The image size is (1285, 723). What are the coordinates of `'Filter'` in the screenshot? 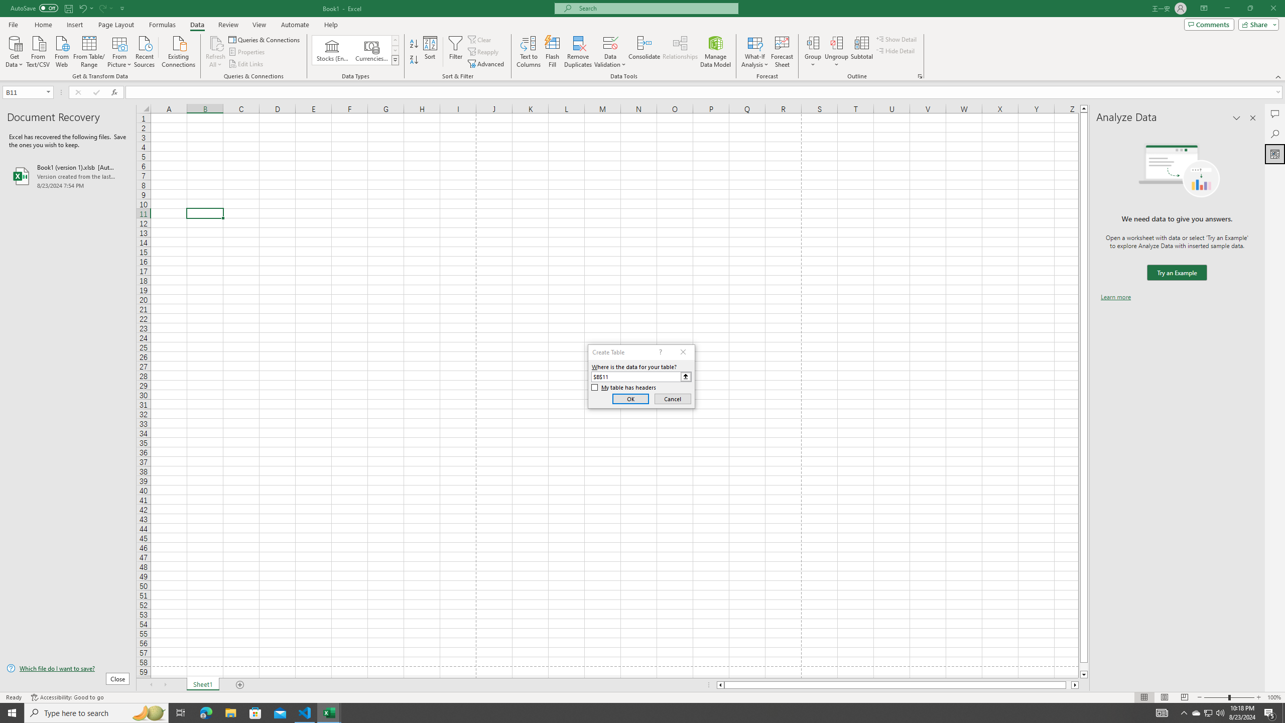 It's located at (455, 52).